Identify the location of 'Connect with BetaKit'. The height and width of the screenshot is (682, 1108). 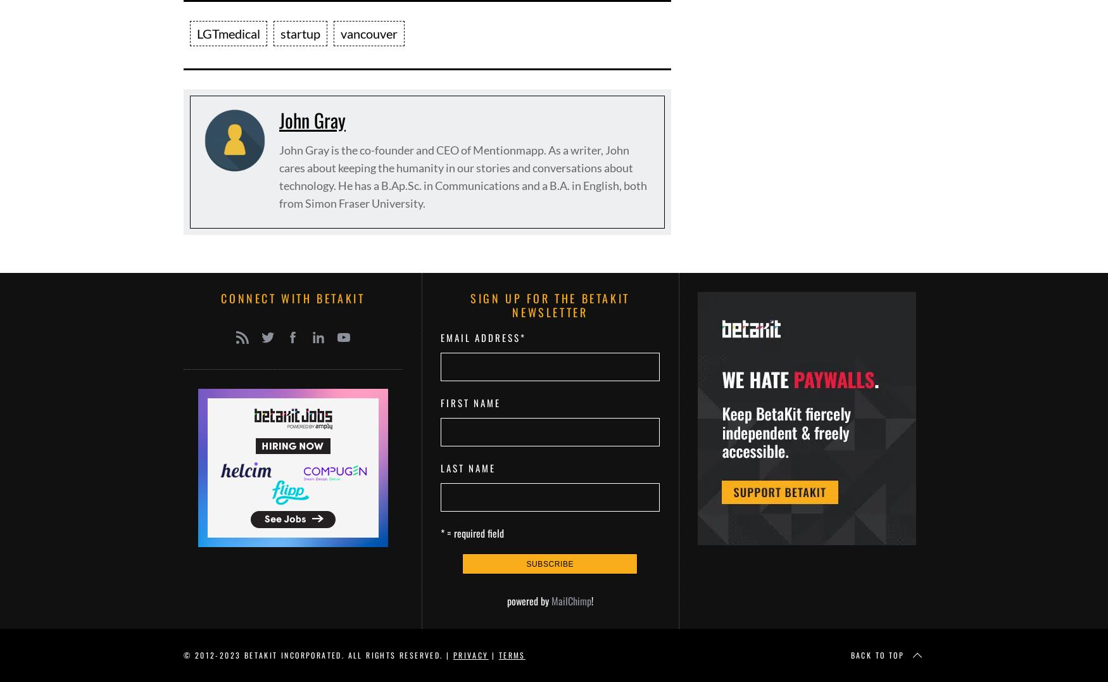
(293, 298).